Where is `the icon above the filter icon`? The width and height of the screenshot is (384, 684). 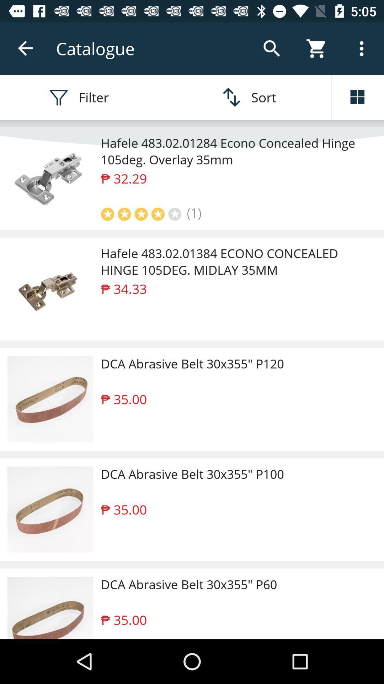 the icon above the filter icon is located at coordinates (26, 48).